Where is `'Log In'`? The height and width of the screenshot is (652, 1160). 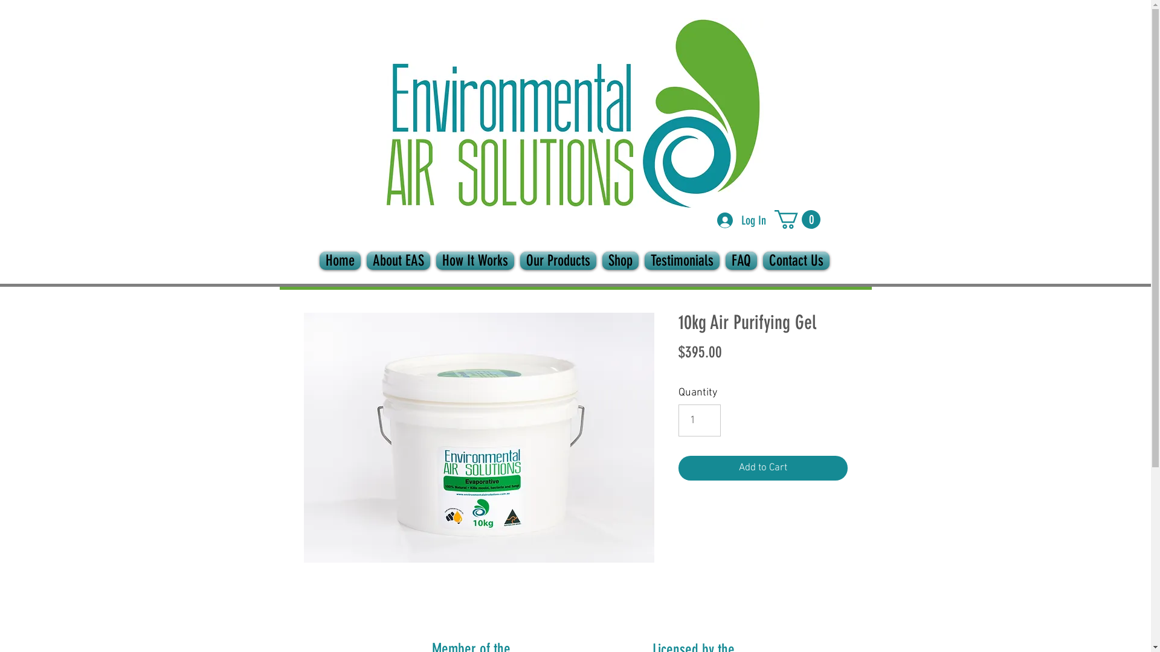 'Log In' is located at coordinates (708, 220).